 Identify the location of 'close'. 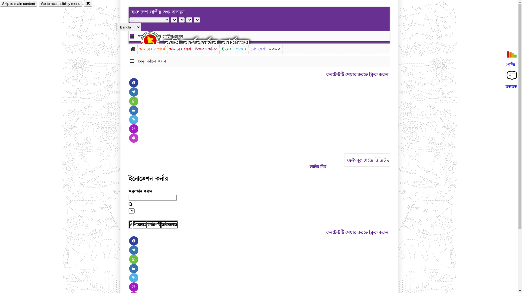
(83, 3).